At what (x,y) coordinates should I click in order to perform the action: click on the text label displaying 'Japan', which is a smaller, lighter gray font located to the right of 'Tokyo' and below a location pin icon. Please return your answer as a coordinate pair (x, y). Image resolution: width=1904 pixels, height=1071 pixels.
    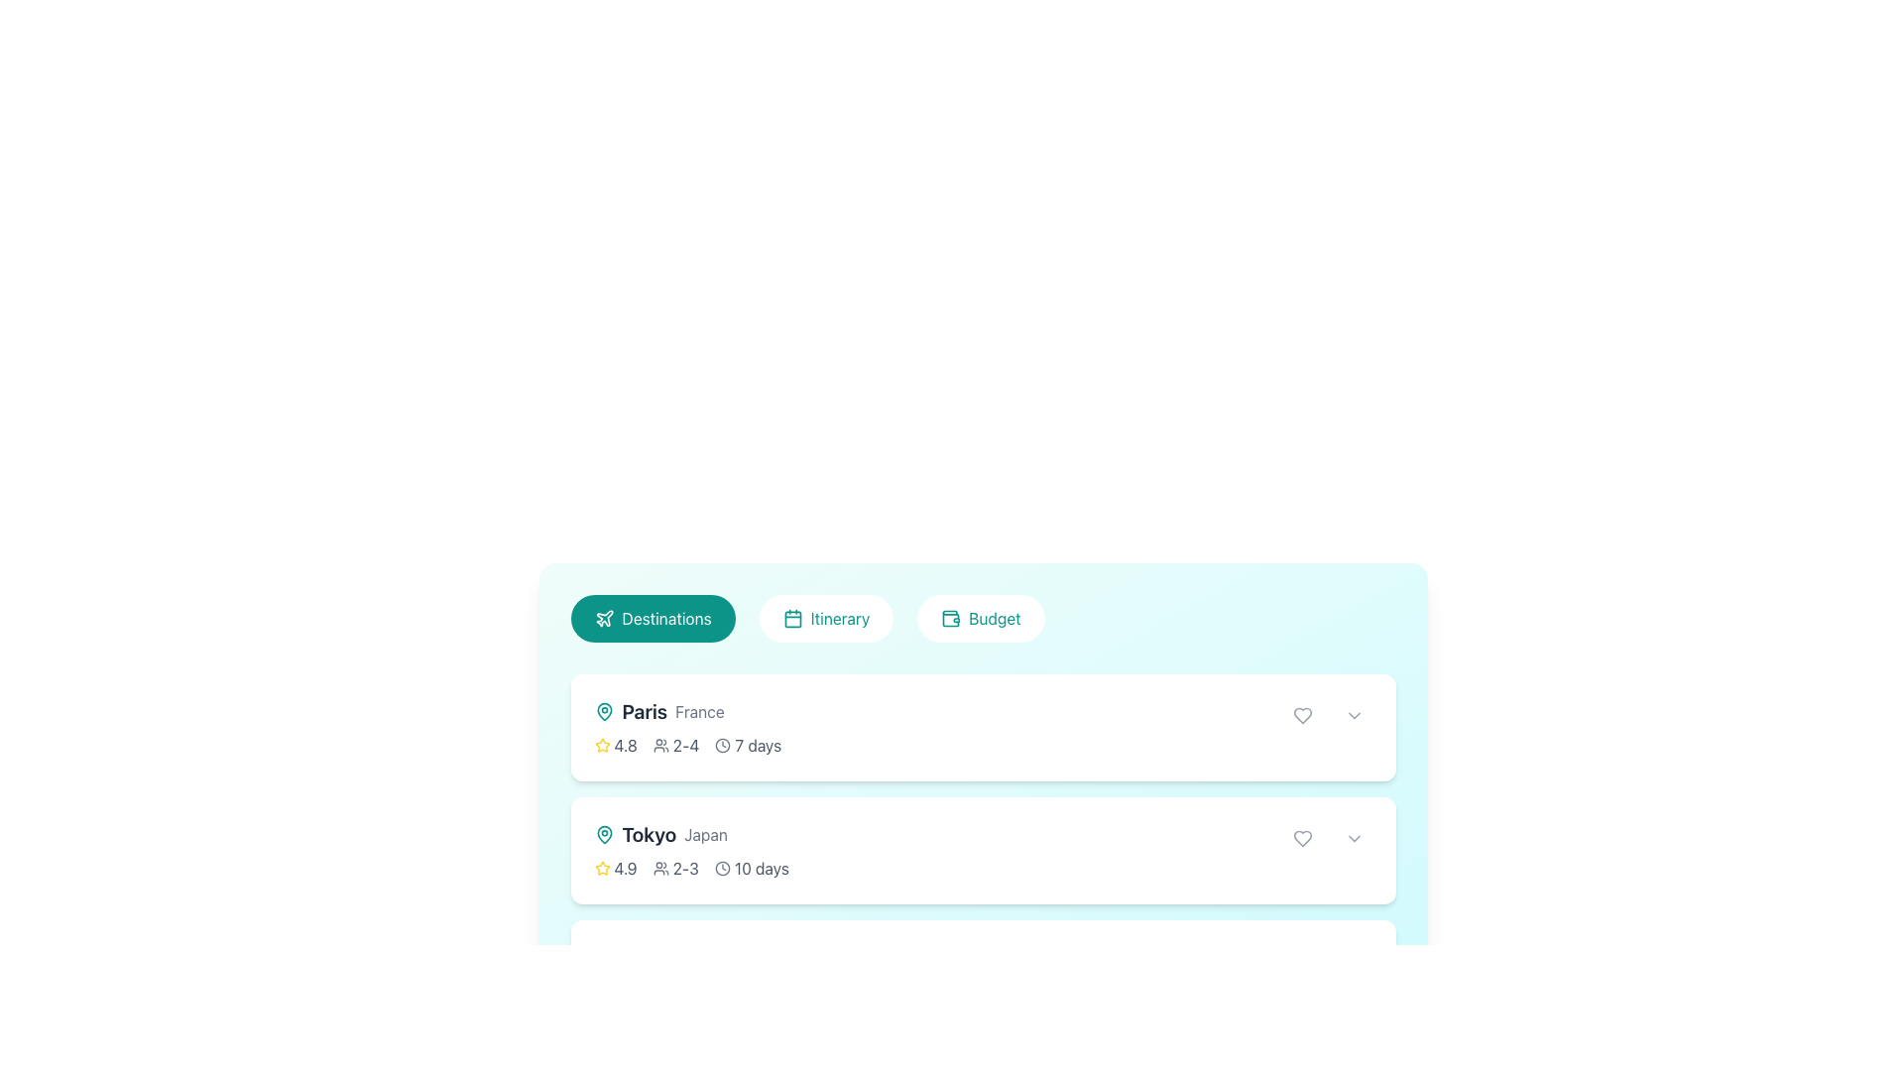
    Looking at the image, I should click on (706, 834).